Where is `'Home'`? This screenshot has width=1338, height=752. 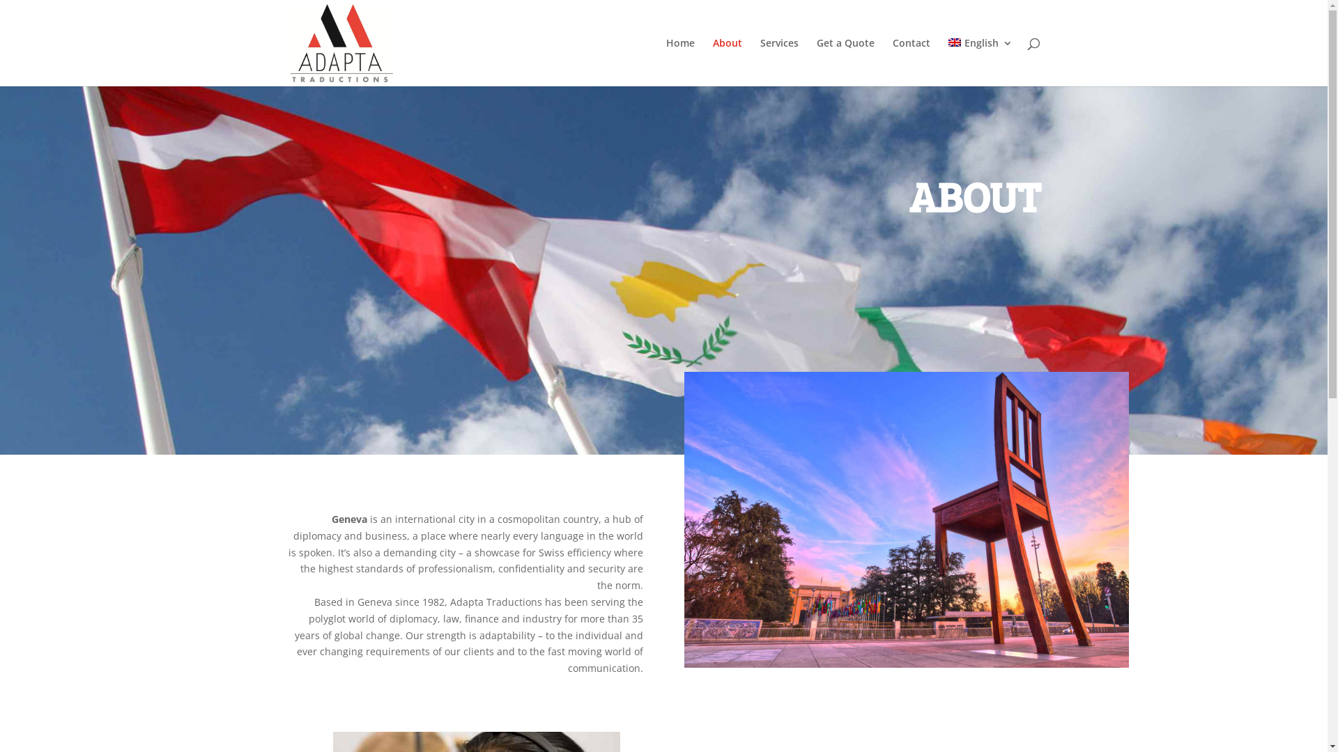 'Home' is located at coordinates (680, 61).